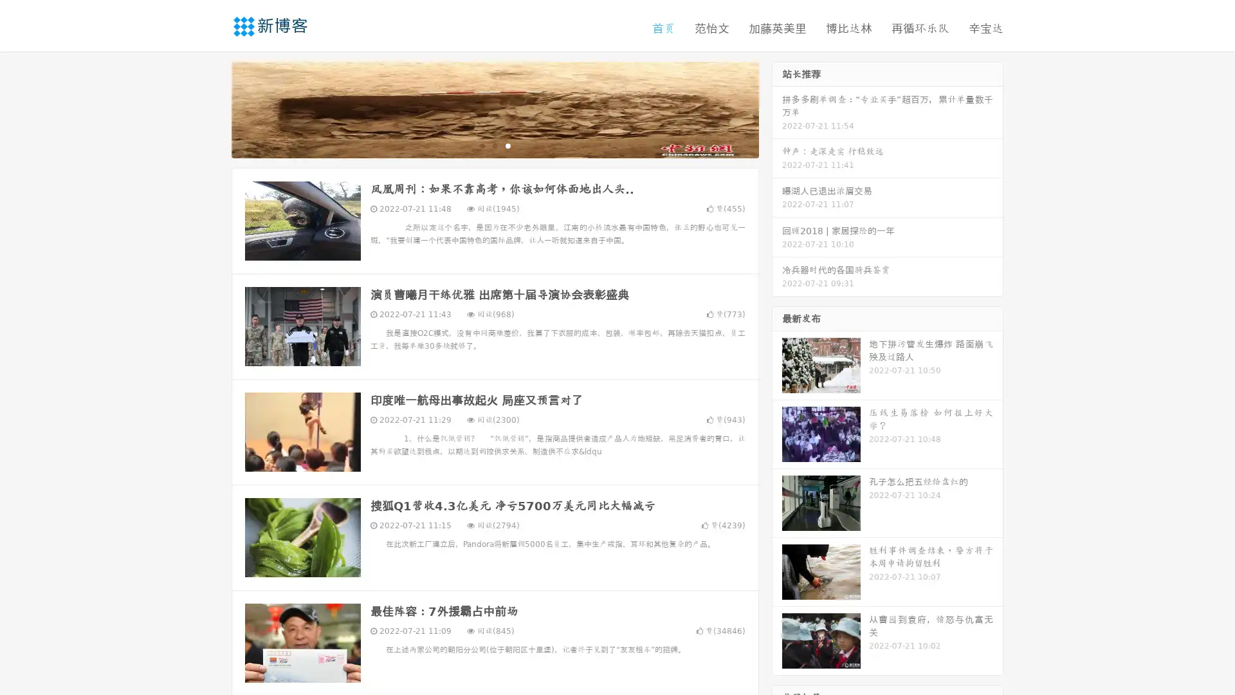  I want to click on Go to slide 1, so click(481, 145).